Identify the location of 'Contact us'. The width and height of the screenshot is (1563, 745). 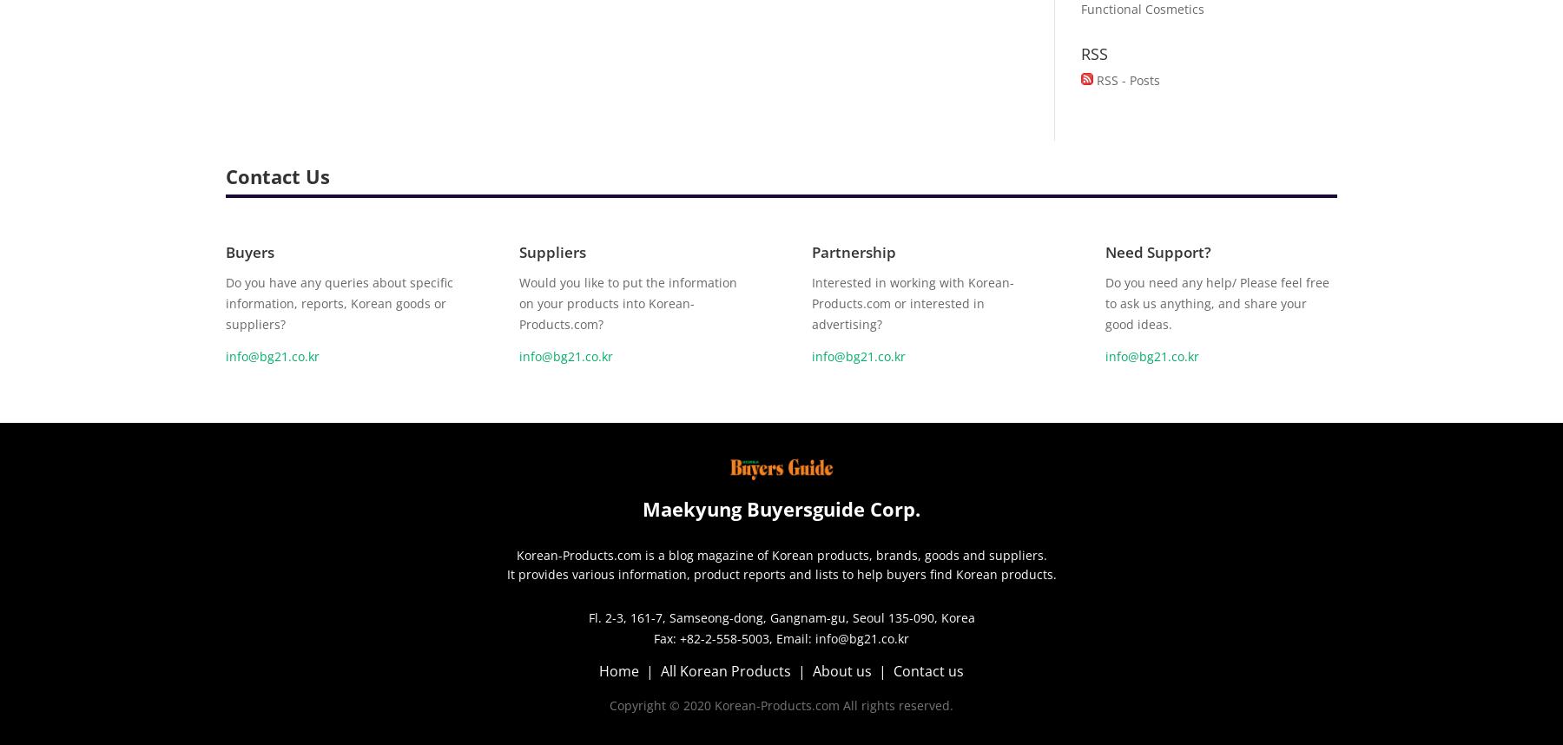
(928, 669).